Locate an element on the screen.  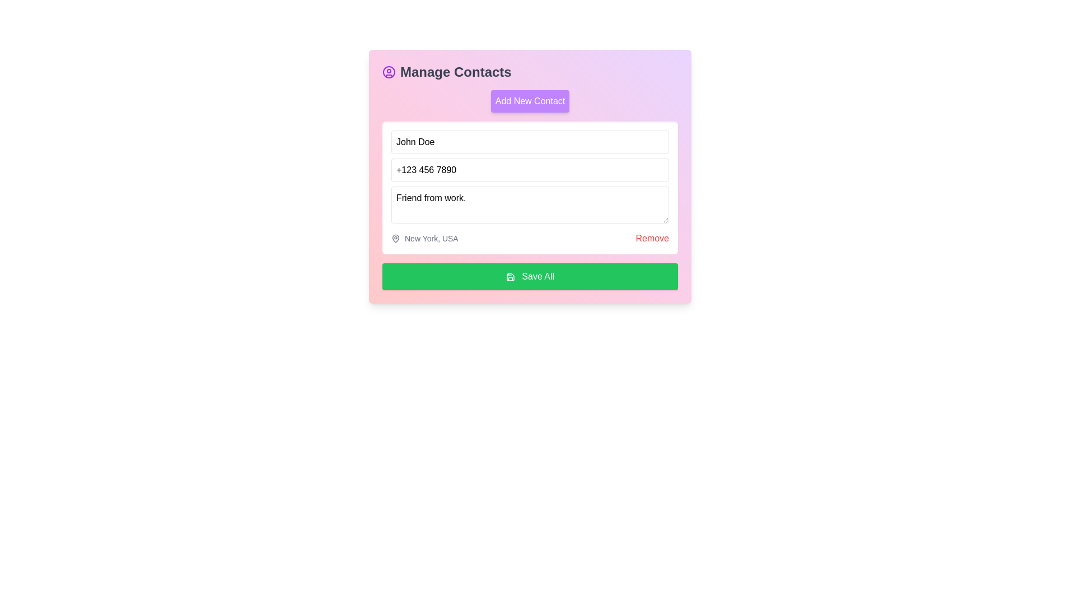
the SVG icon located within the green 'Save All' button is located at coordinates (510, 277).